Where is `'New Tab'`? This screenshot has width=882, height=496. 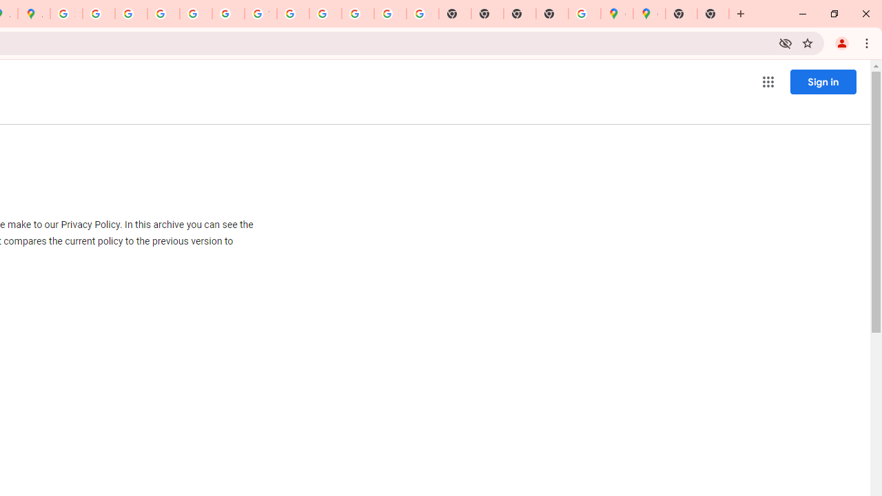
'New Tab' is located at coordinates (681, 14).